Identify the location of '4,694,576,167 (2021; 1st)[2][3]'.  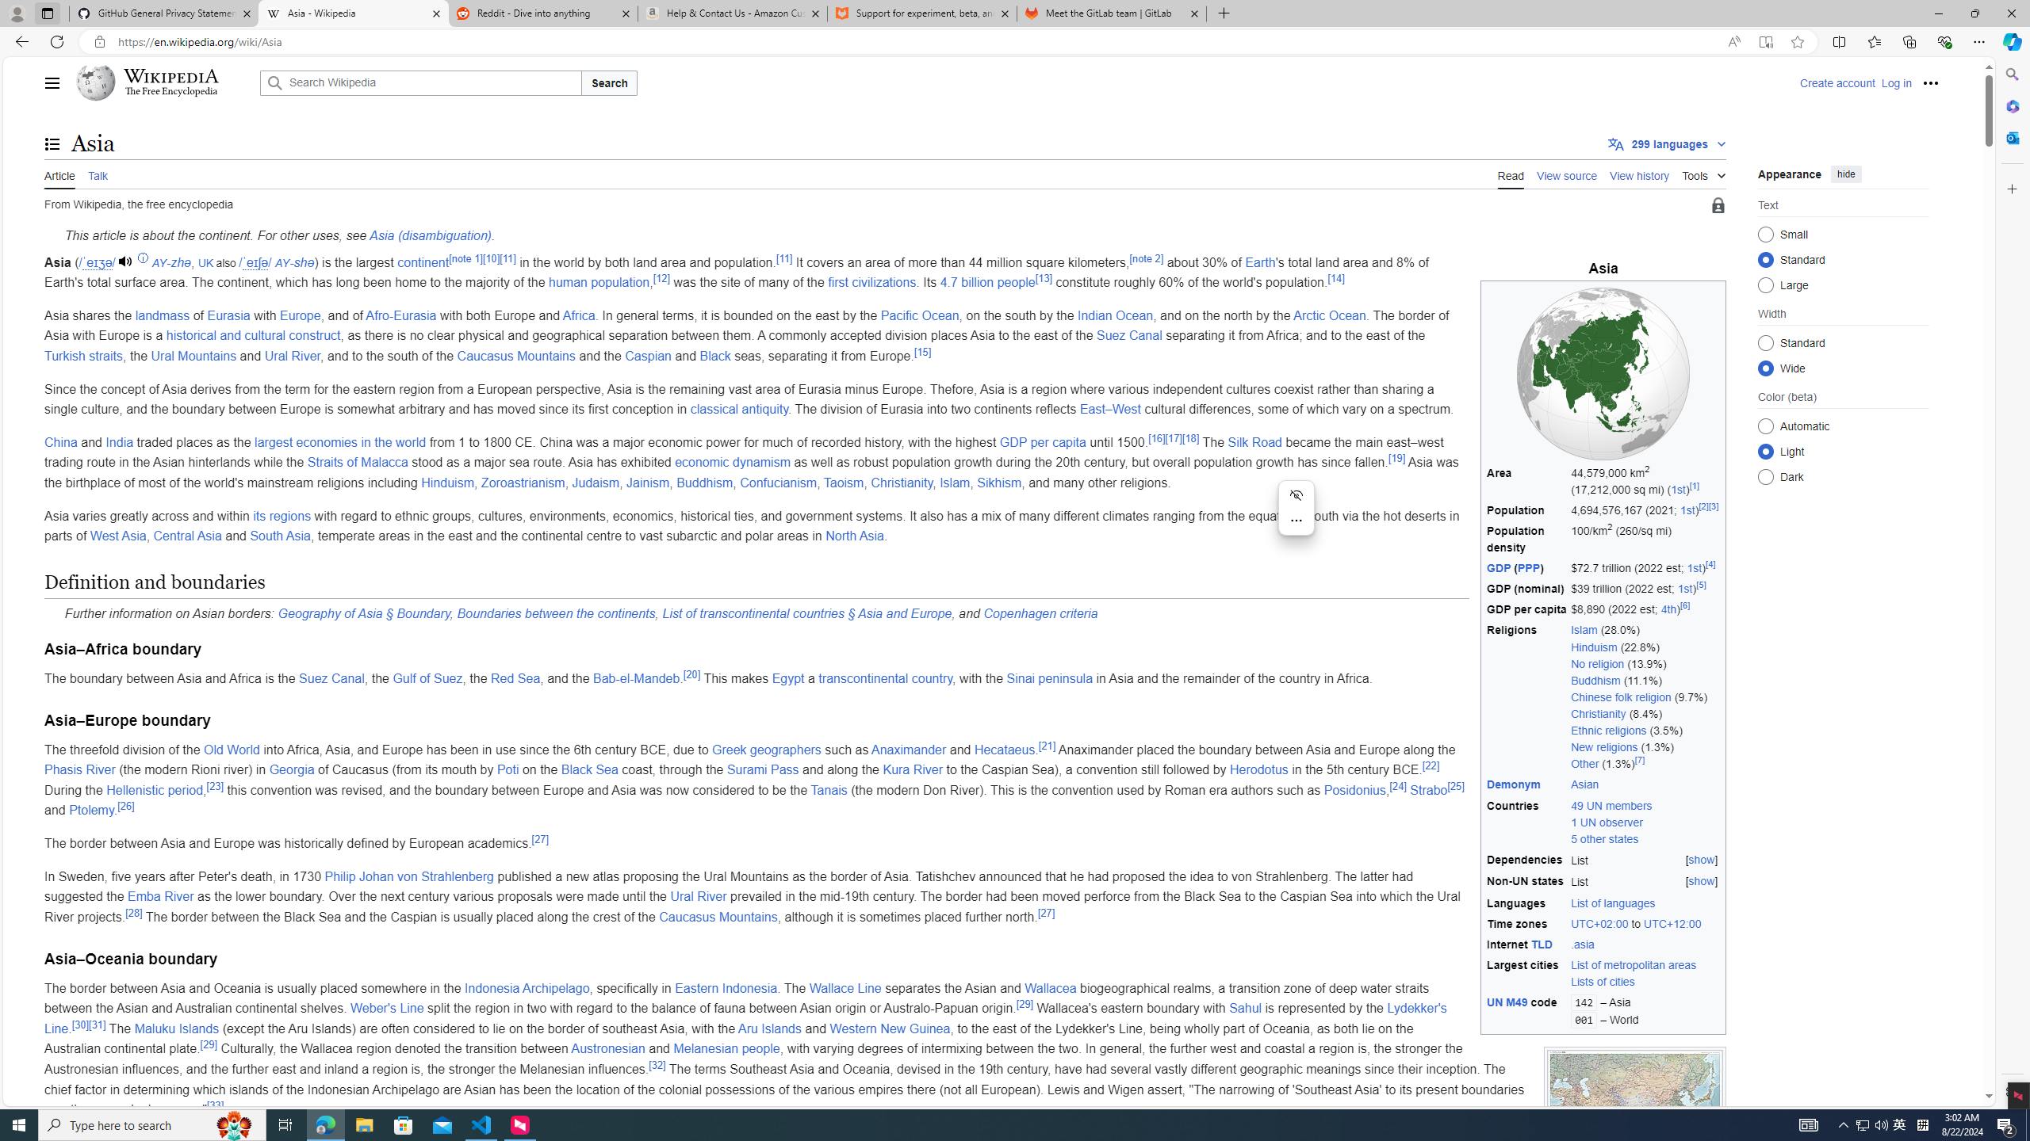
(1645, 509).